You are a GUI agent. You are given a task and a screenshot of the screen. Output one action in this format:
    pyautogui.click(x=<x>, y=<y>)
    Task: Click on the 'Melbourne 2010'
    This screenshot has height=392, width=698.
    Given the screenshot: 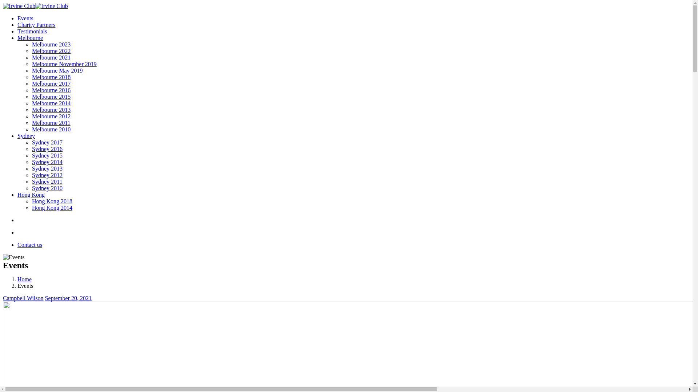 What is the action you would take?
    pyautogui.click(x=31, y=129)
    